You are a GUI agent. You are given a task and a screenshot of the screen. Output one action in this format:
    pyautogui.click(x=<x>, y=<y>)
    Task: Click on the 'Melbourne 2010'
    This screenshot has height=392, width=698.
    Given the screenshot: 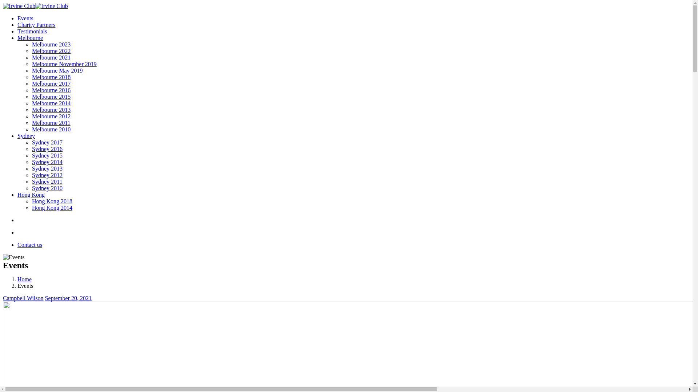 What is the action you would take?
    pyautogui.click(x=31, y=129)
    